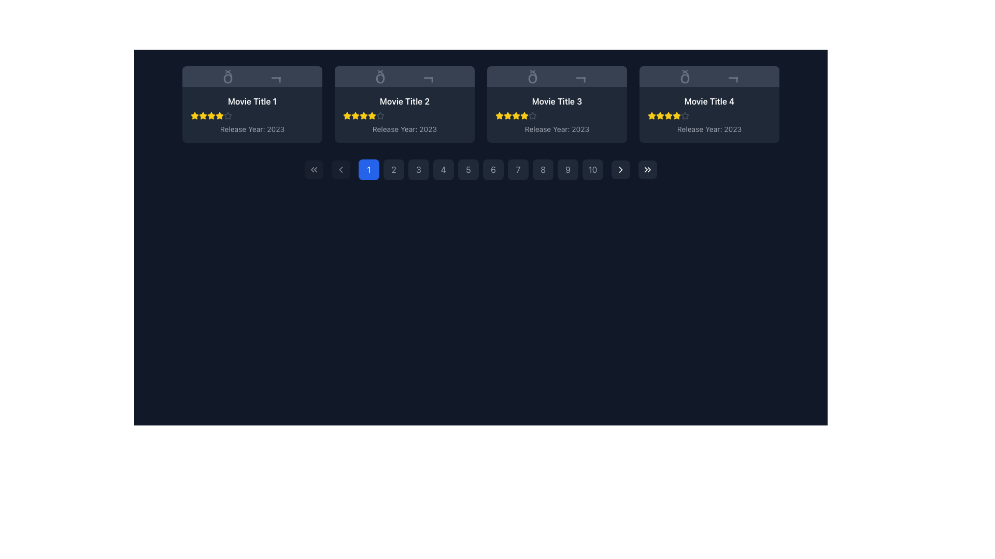  Describe the element at coordinates (340, 169) in the screenshot. I see `the Navigation Chevron icon located in the lower section of the interface, adjacent to the button labeled '1'` at that location.